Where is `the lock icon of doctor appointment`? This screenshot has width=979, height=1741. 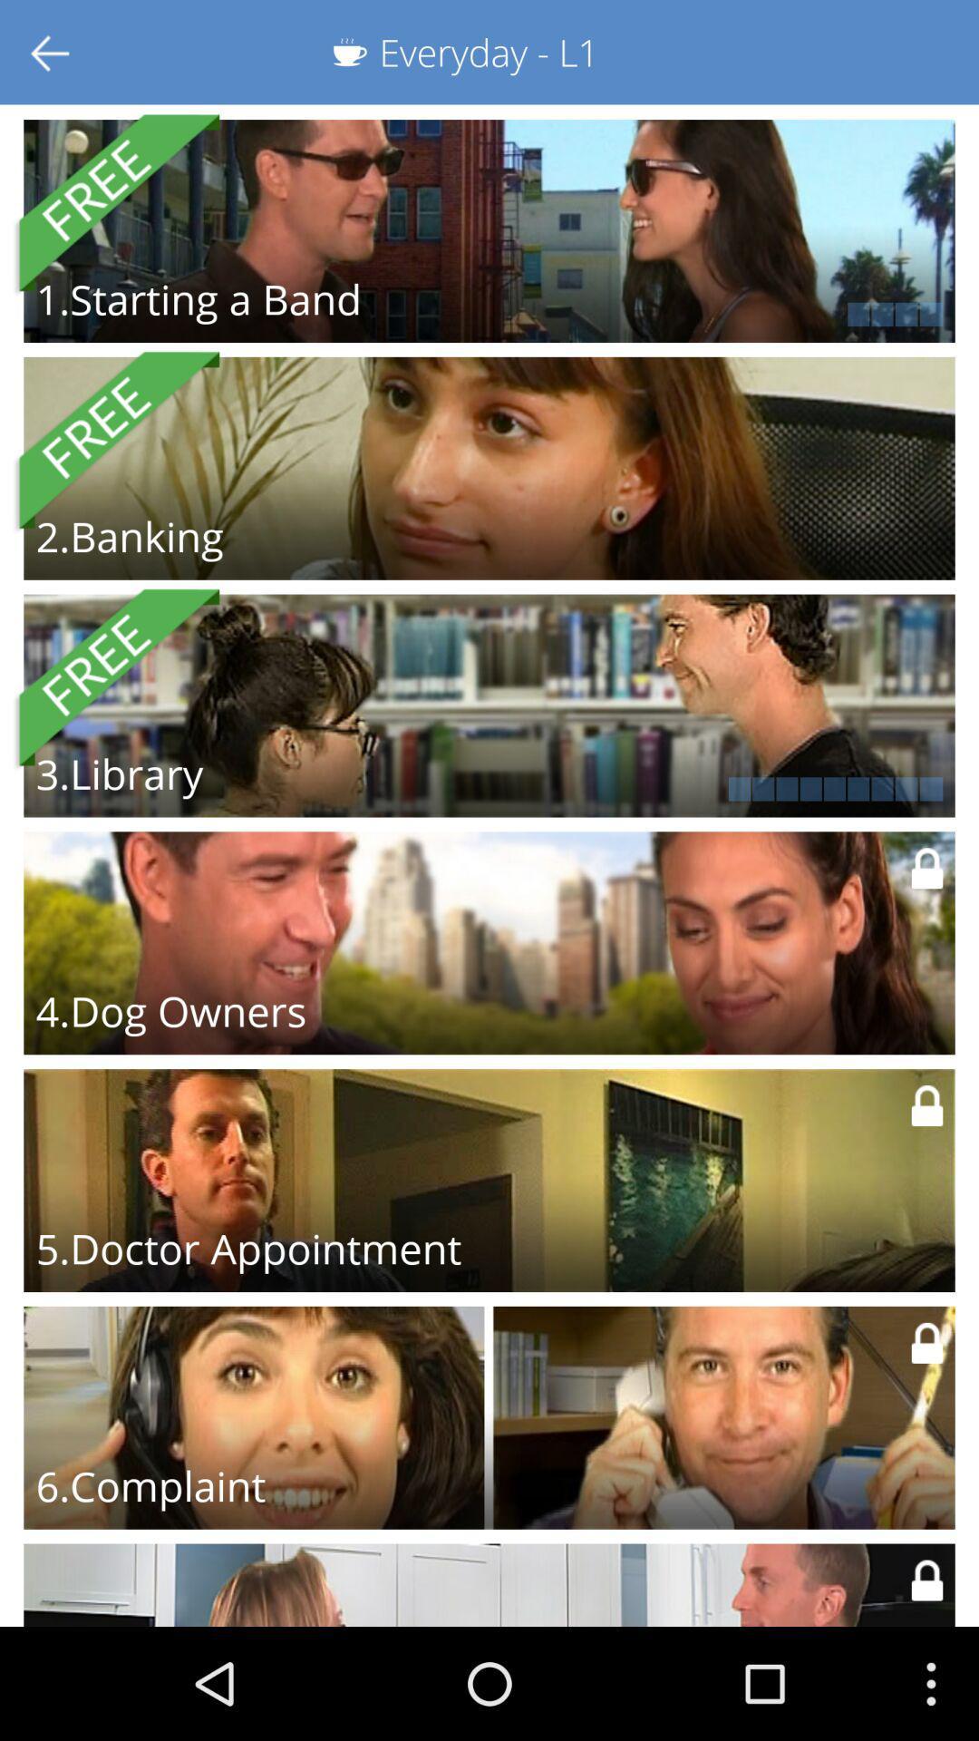 the lock icon of doctor appointment is located at coordinates (926, 1104).